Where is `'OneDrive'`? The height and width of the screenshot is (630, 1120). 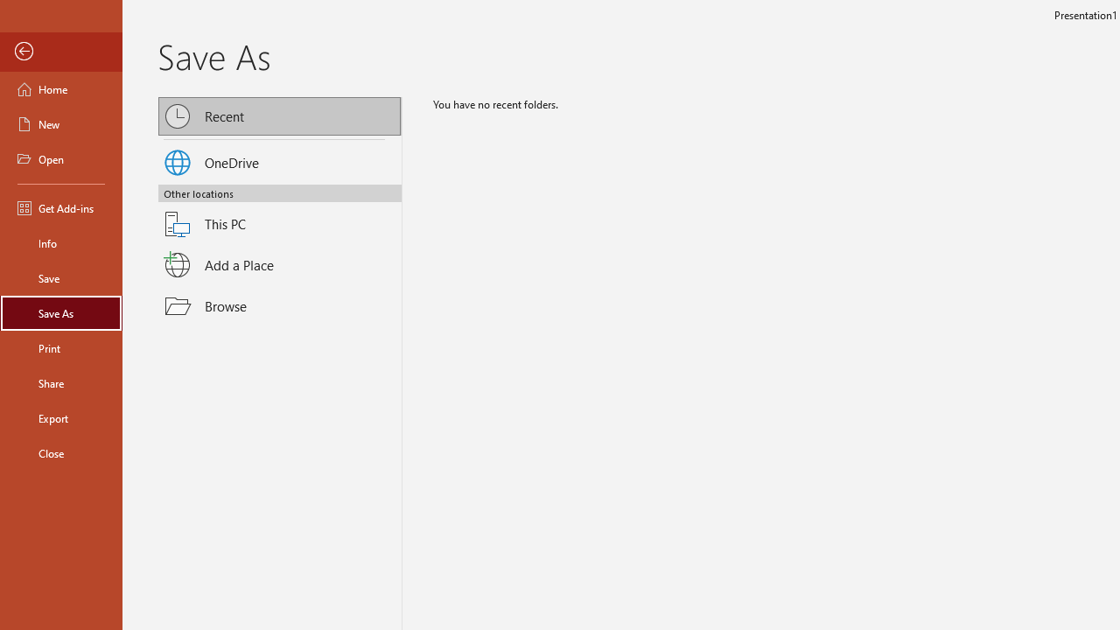 'OneDrive' is located at coordinates (280, 159).